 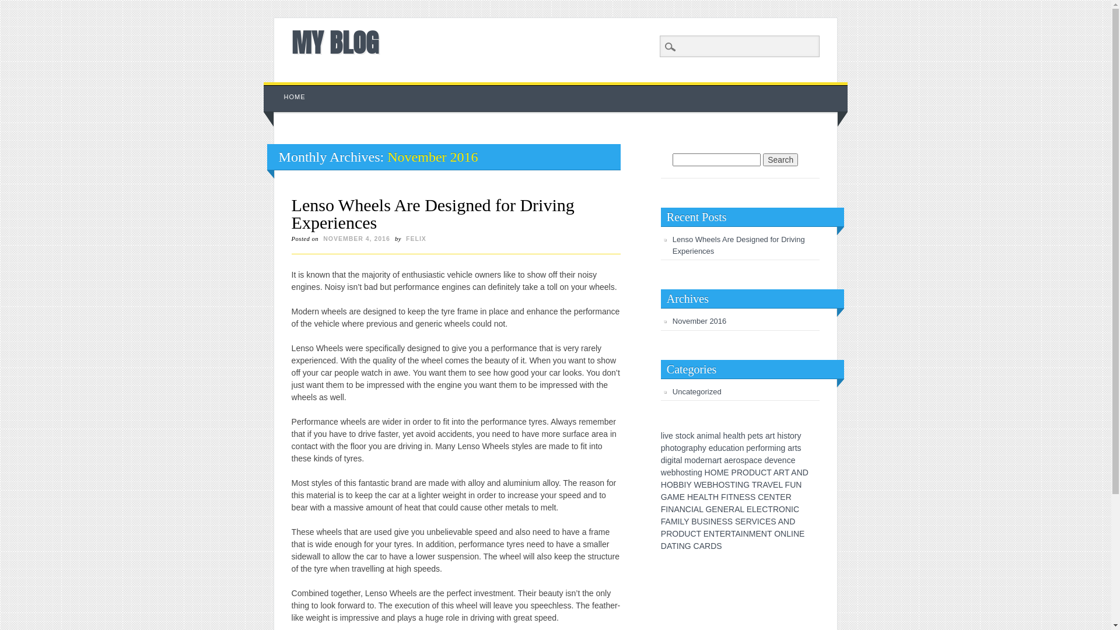 What do you see at coordinates (730, 508) in the screenshot?
I see `'R'` at bounding box center [730, 508].